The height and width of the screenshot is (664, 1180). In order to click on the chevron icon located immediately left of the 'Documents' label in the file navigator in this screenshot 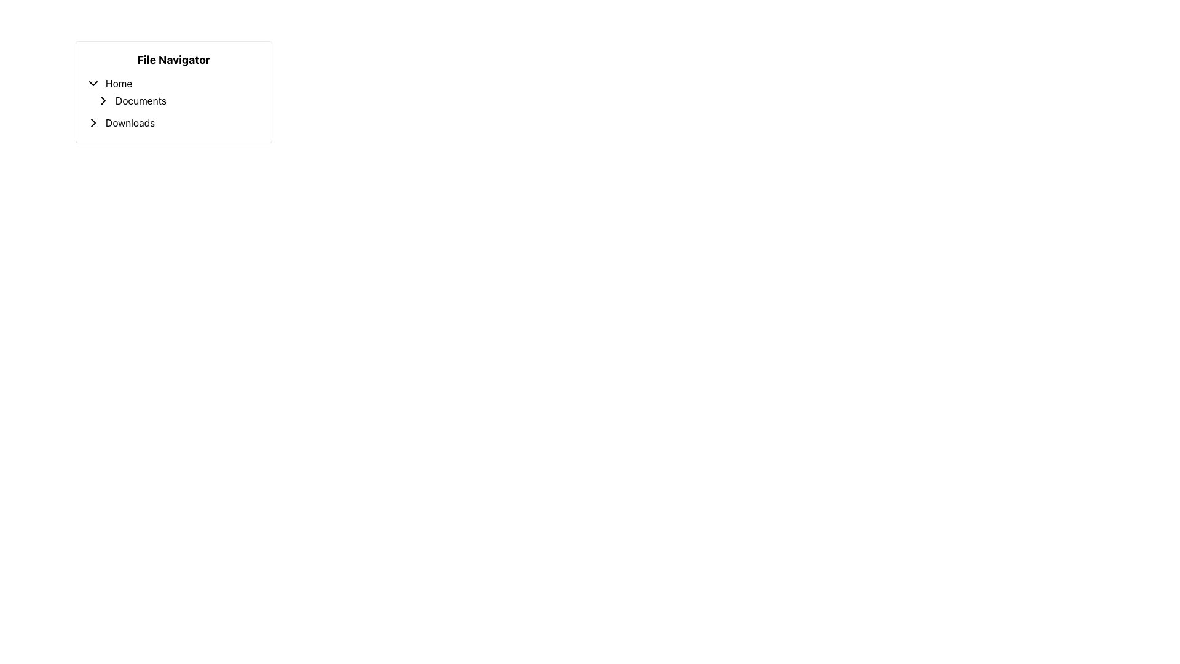, I will do `click(103, 100)`.